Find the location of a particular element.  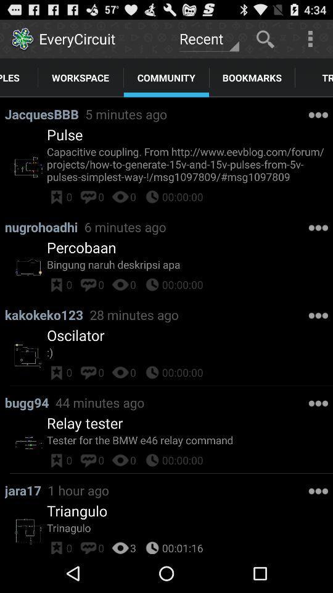

the icon above bingung naruh deskripsi item is located at coordinates (81, 246).